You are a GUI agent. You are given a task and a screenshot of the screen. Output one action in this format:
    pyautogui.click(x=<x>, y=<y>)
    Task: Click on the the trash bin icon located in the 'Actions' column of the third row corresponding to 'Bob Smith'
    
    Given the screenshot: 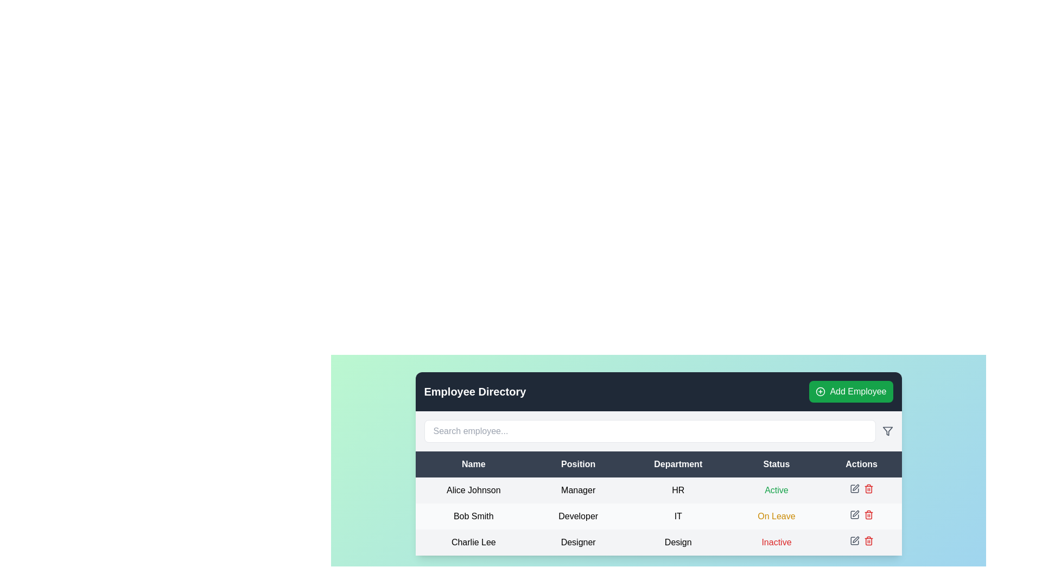 What is the action you would take?
    pyautogui.click(x=868, y=515)
    